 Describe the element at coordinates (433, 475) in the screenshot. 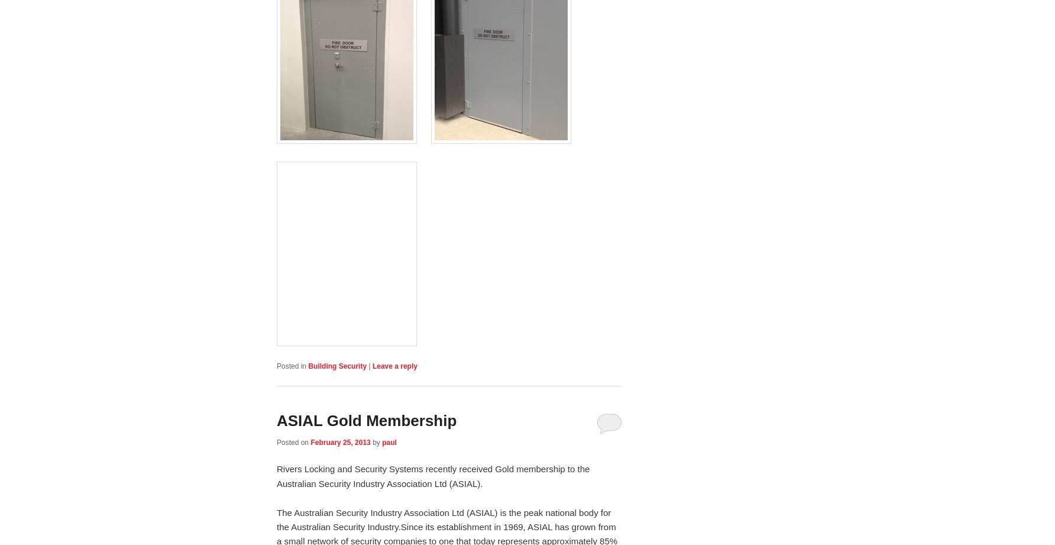

I see `'Rivers Locking and Security Systems recently received Gold membership to the Australian Security Industry Association Ltd (ASIAL).'` at that location.